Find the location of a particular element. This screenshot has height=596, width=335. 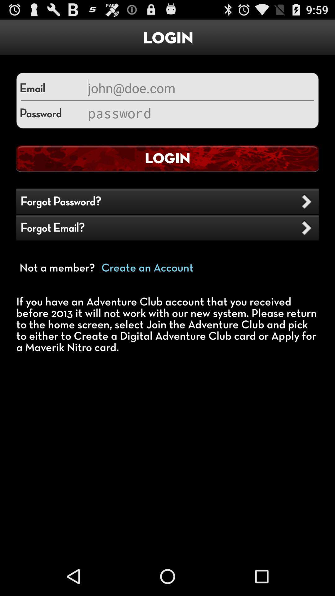

email section is located at coordinates (200, 88).